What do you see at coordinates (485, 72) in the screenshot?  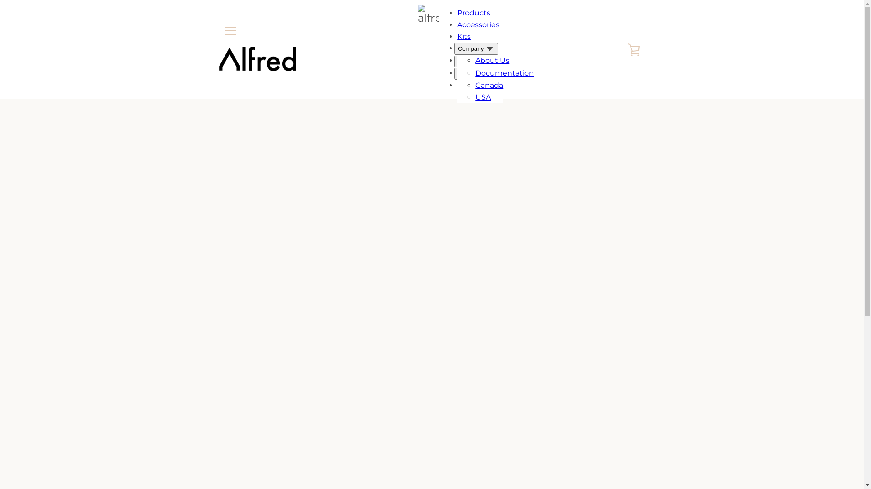 I see `'News'` at bounding box center [485, 72].